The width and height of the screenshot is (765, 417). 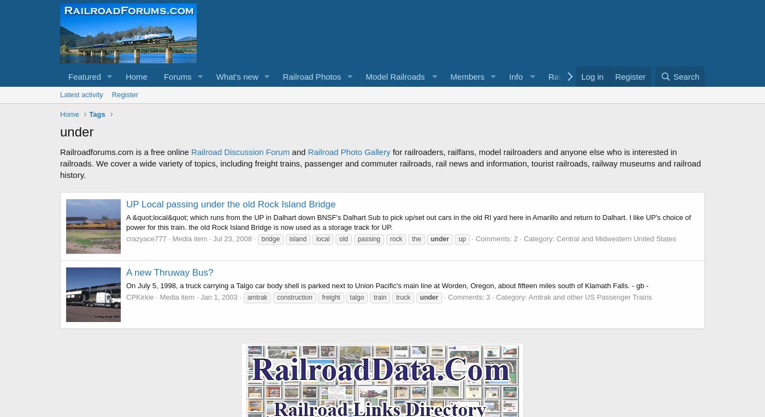 What do you see at coordinates (140, 297) in the screenshot?
I see `'CPKirkie'` at bounding box center [140, 297].